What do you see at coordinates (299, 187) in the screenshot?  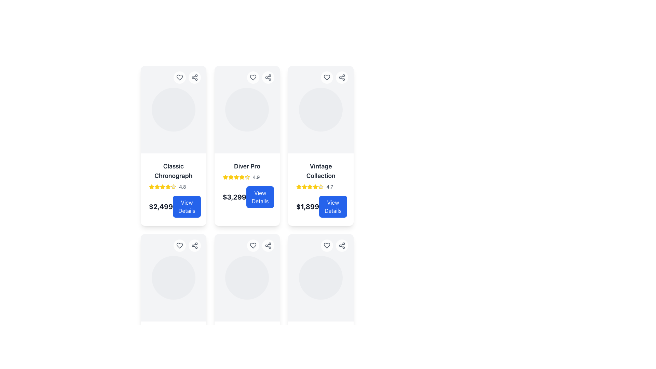 I see `the star icon representing the third rating in the 'Vintage Collection' product card located in the top-right panel of the interface` at bounding box center [299, 187].